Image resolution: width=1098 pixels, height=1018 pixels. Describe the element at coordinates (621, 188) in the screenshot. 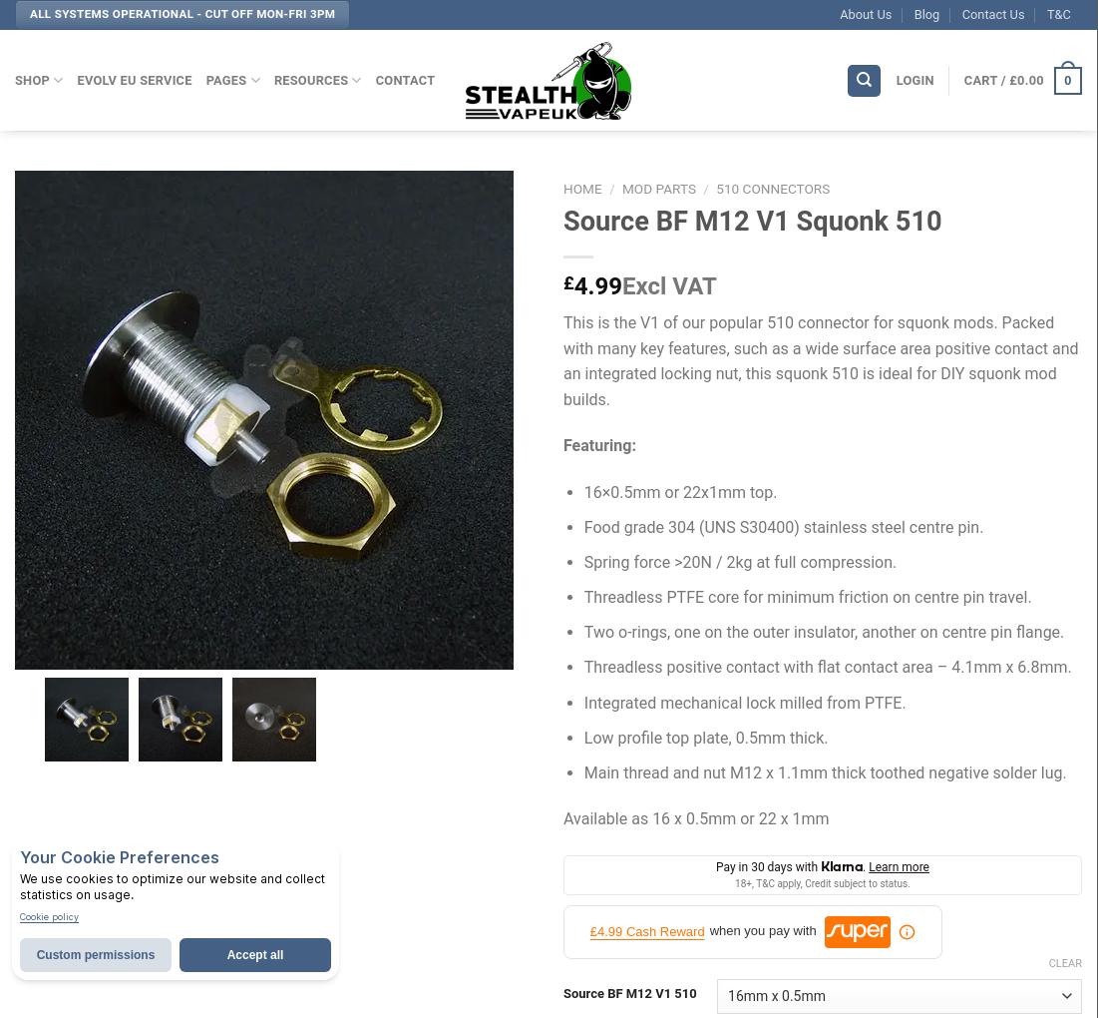

I see `'Mod Parts'` at that location.